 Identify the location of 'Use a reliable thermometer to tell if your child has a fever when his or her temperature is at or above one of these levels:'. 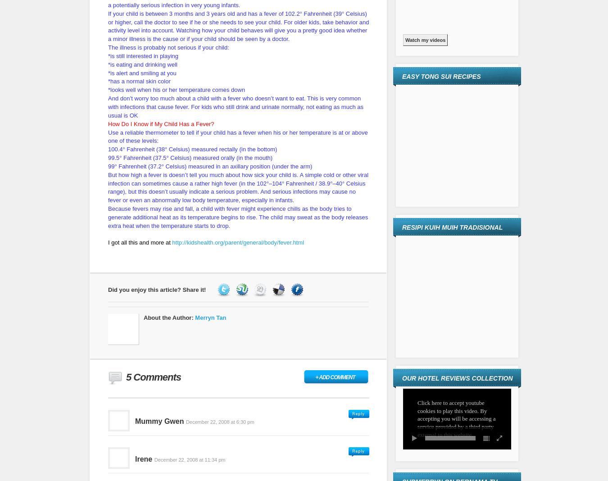
(237, 136).